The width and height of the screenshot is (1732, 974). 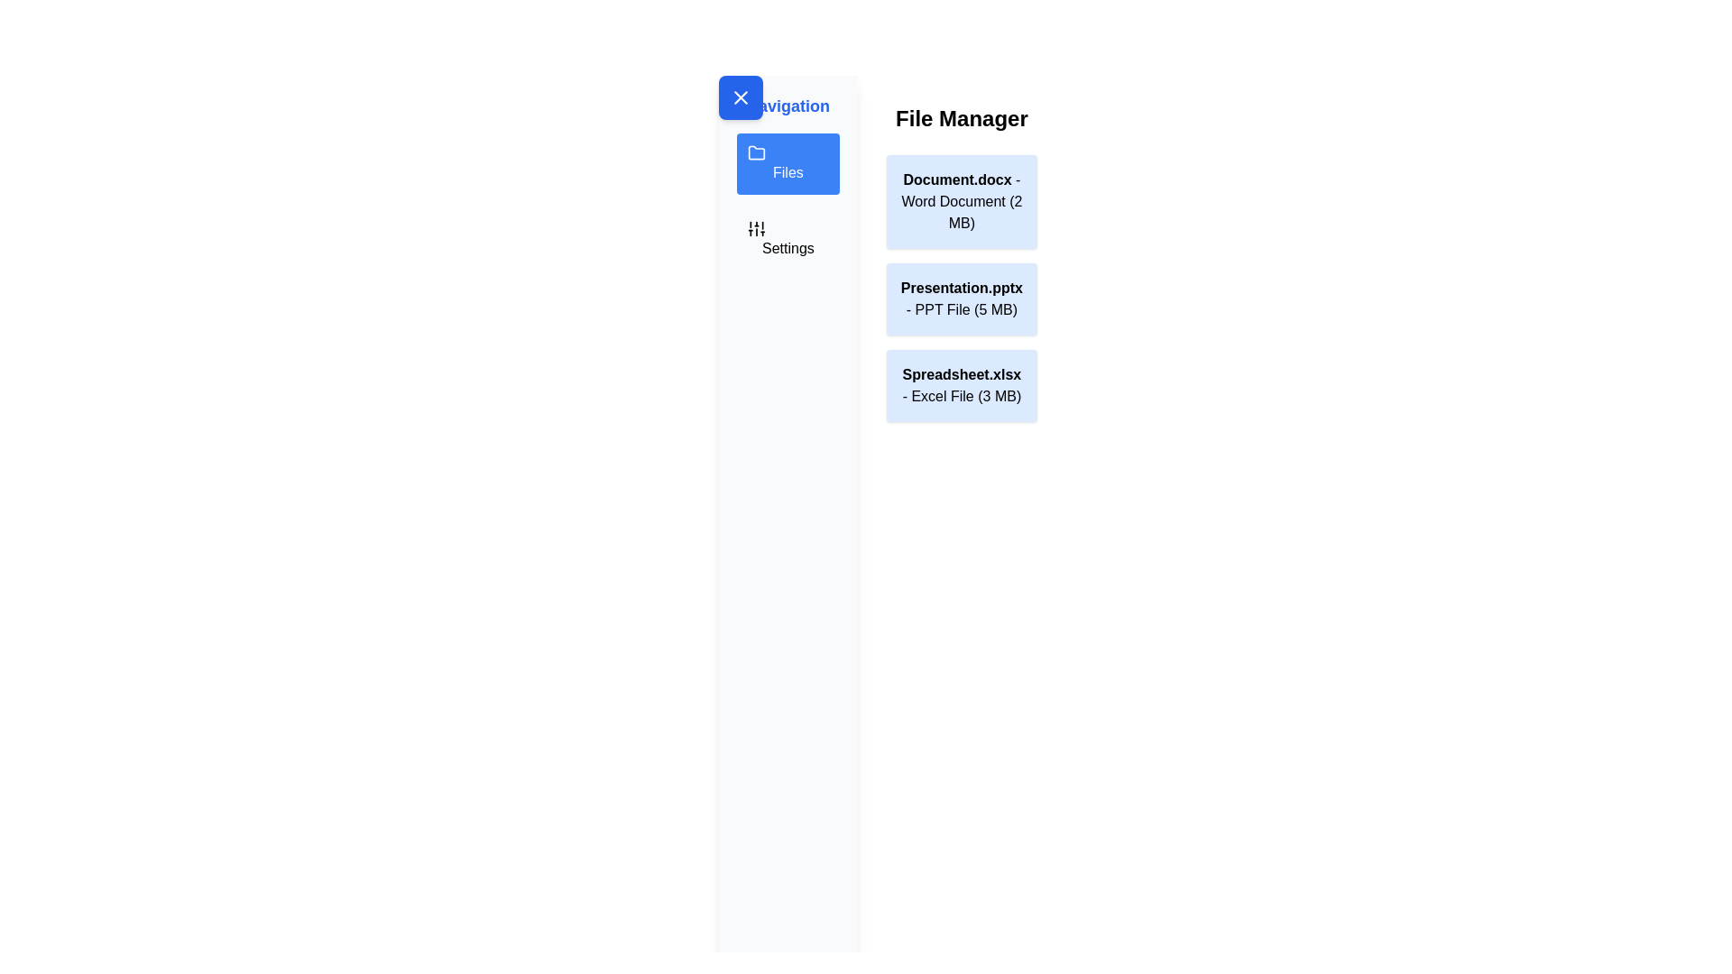 What do you see at coordinates (757, 152) in the screenshot?
I see `the 'Files' icon located to the left of the text within the Files button in the navigation bar` at bounding box center [757, 152].